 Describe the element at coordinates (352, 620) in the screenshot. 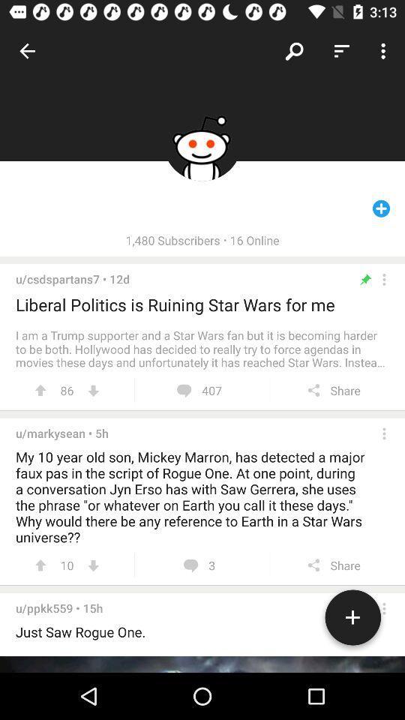

I see `the add icon` at that location.